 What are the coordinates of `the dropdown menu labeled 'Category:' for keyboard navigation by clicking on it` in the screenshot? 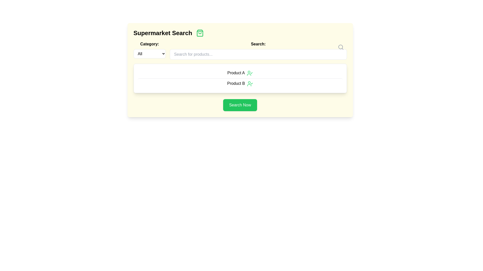 It's located at (149, 50).